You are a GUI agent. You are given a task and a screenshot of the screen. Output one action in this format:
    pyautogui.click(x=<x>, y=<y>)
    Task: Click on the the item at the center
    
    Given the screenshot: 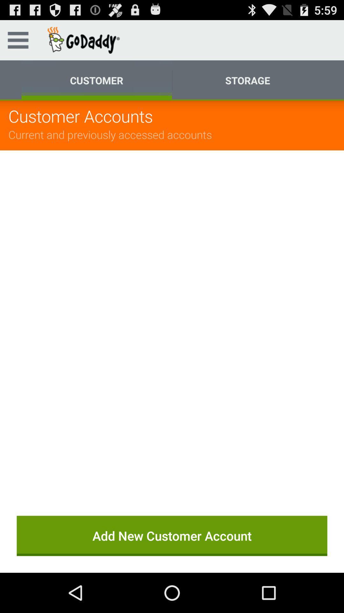 What is the action you would take?
    pyautogui.click(x=172, y=325)
    